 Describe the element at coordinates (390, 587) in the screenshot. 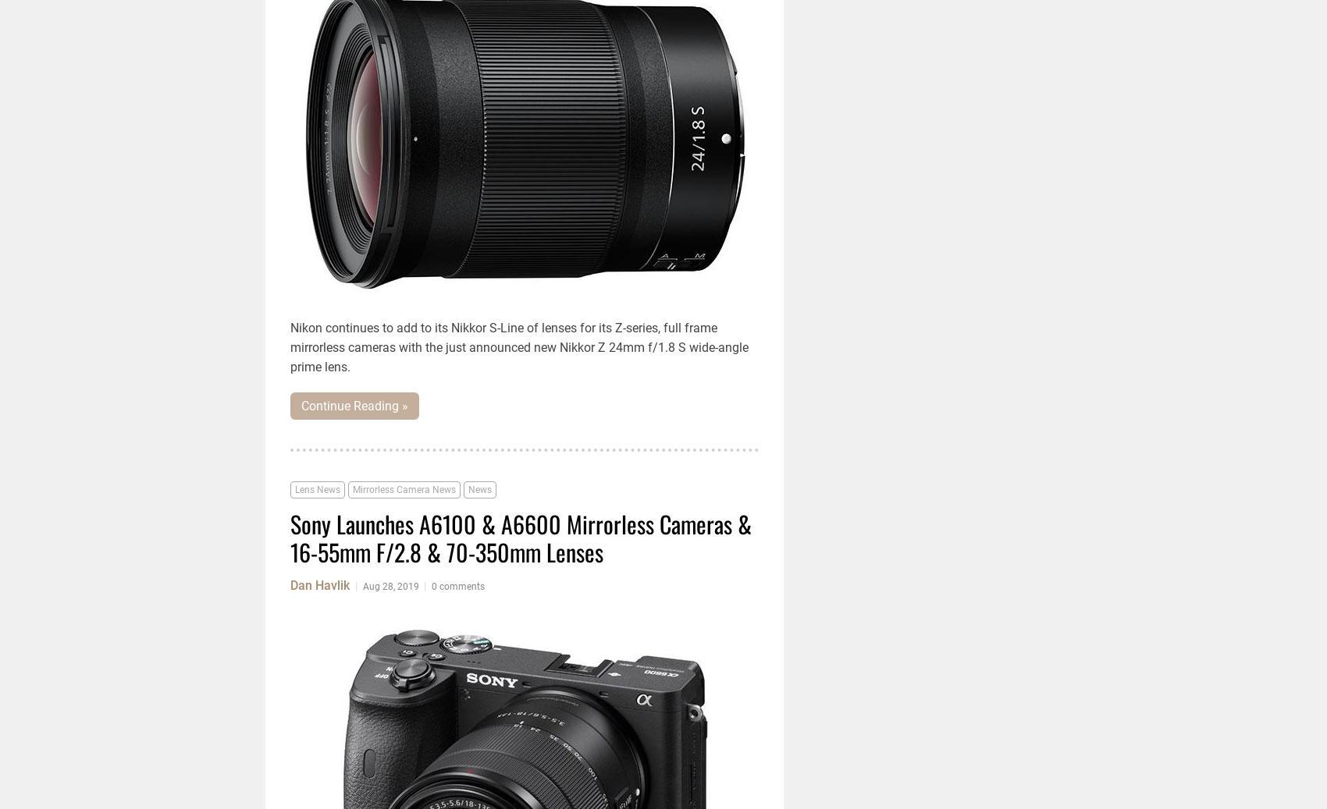

I see `'Aug 28, 2019'` at that location.